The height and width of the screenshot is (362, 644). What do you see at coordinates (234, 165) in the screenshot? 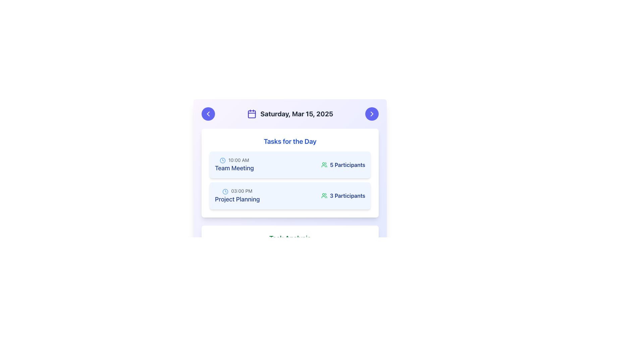
I see `the Informational Label displaying '10:00 AM Team Meeting'` at bounding box center [234, 165].